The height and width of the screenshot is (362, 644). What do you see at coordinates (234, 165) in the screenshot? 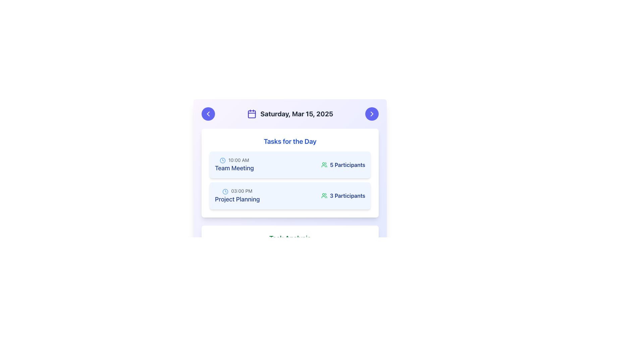
I see `the Informational Label displaying '10:00 AM Team Meeting'` at bounding box center [234, 165].